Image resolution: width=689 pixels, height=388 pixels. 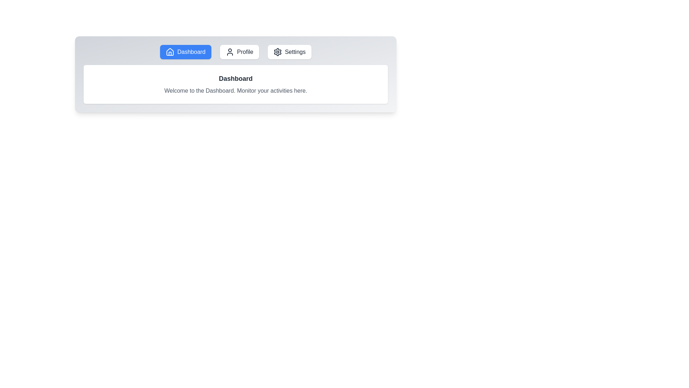 What do you see at coordinates (289, 52) in the screenshot?
I see `the Settings tab by clicking on the corresponding button` at bounding box center [289, 52].